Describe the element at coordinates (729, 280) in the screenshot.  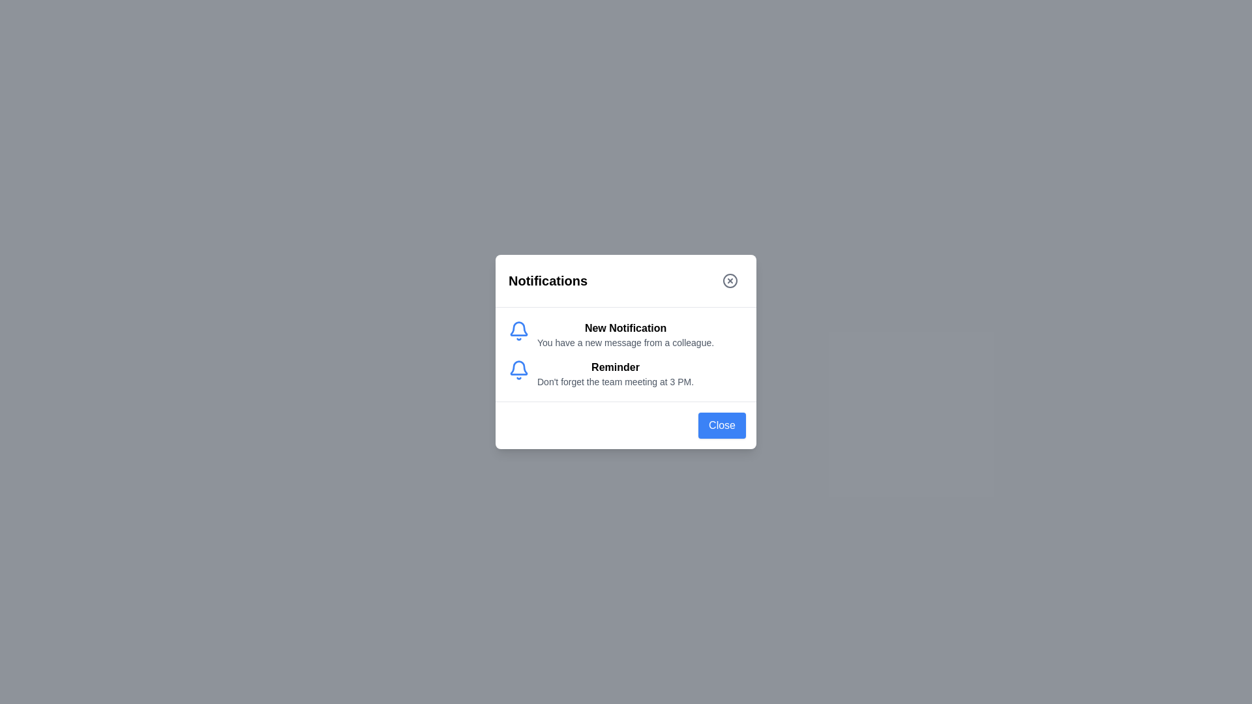
I see `the circular close button with a cross inside, located in the top-right corner of the 'Notifications' modal header` at that location.